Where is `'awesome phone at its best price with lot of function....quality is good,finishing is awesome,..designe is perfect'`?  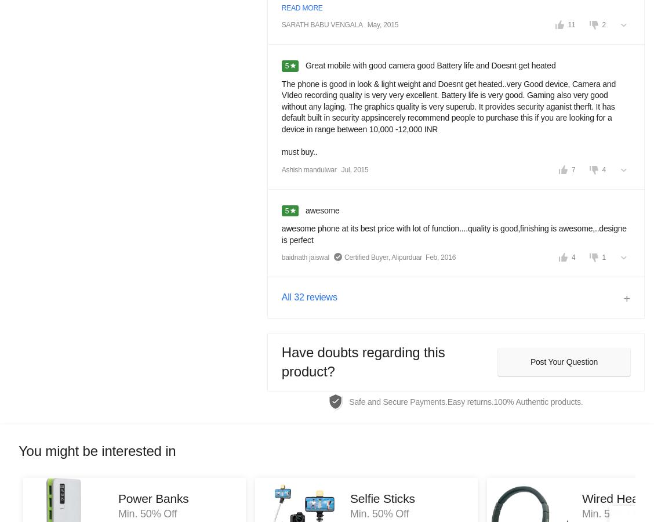 'awesome phone at its best price with lot of function....quality is good,finishing is awesome,..designe is perfect' is located at coordinates (453, 234).